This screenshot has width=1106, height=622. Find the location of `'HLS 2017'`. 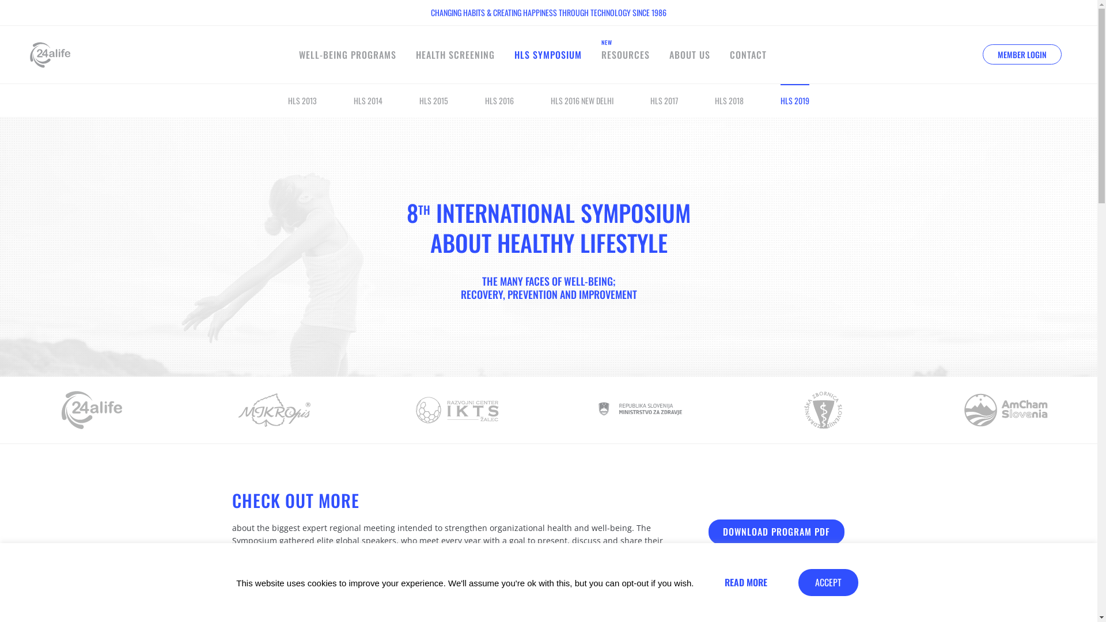

'HLS 2017' is located at coordinates (664, 100).